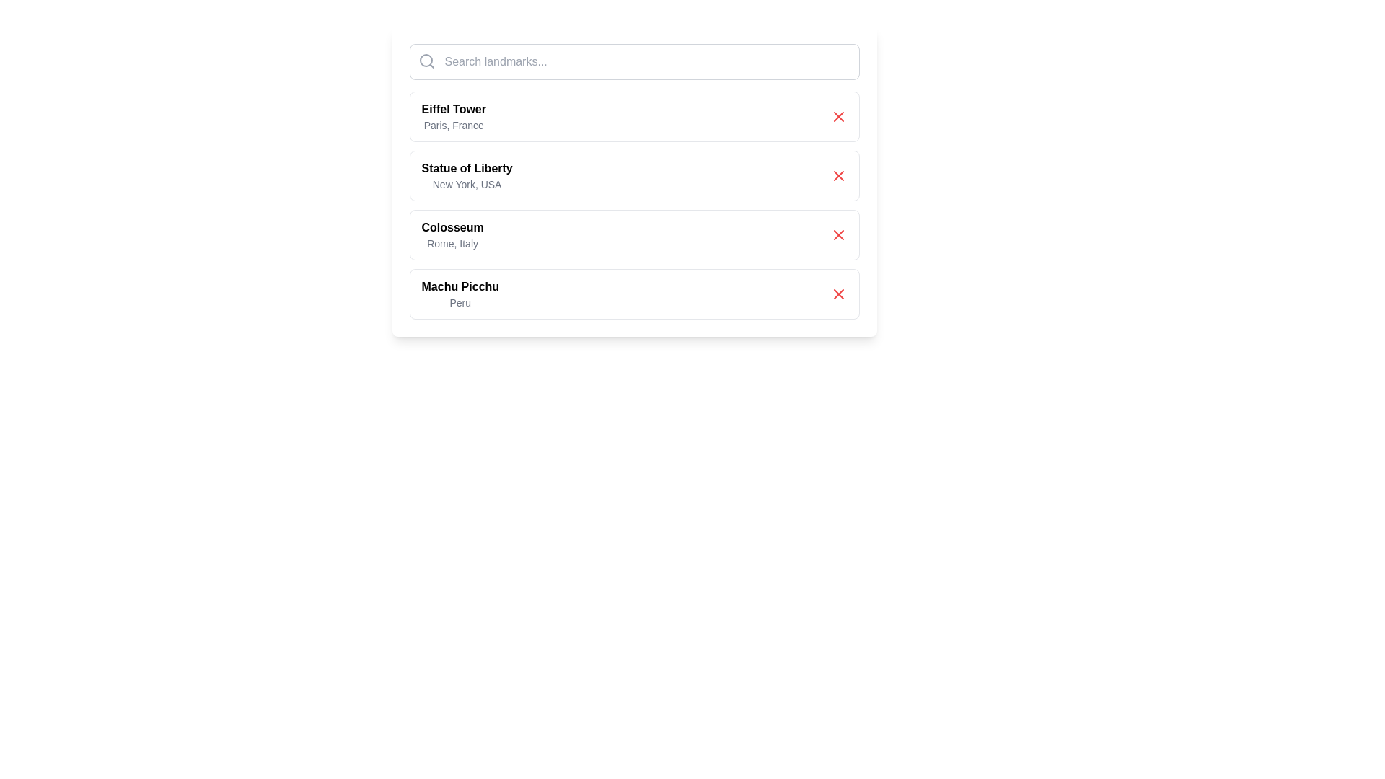  I want to click on the red cross-shaped icon located at the right end of the row labeled 'Statue of Liberty, New York, USA', so click(838, 175).